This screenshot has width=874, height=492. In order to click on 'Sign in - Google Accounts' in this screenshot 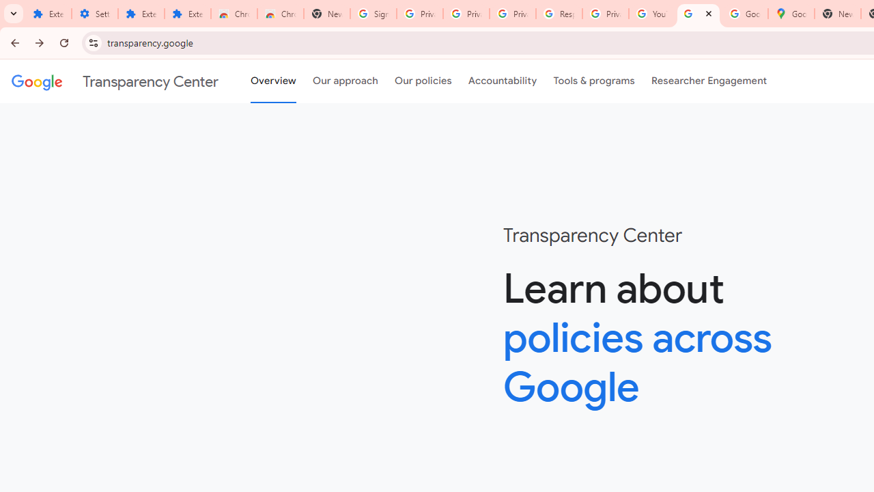, I will do `click(373, 14)`.